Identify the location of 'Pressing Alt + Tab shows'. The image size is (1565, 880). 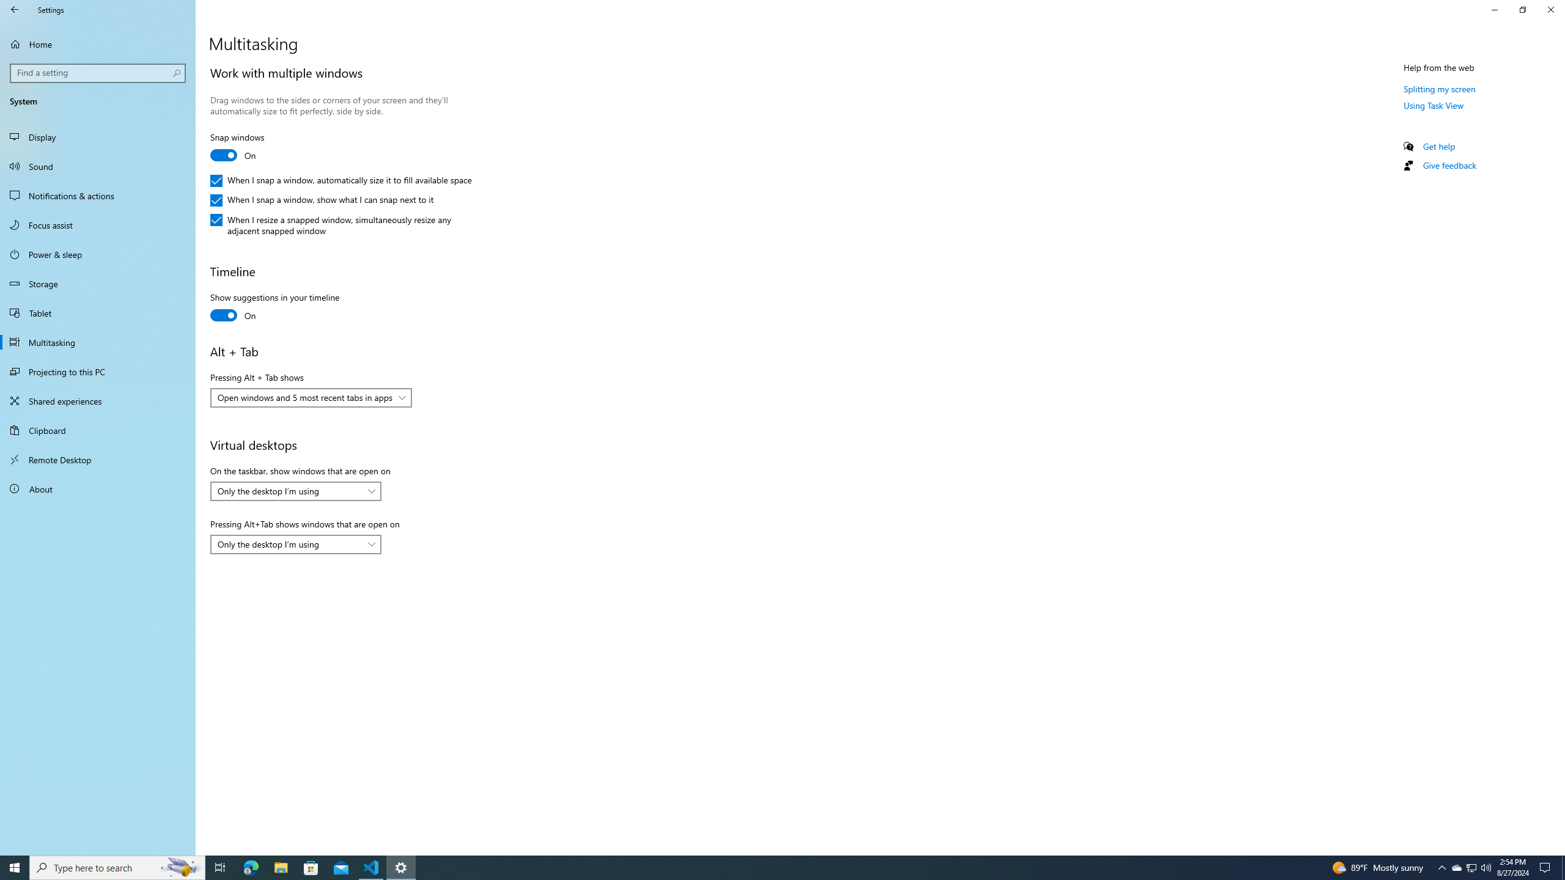
(310, 397).